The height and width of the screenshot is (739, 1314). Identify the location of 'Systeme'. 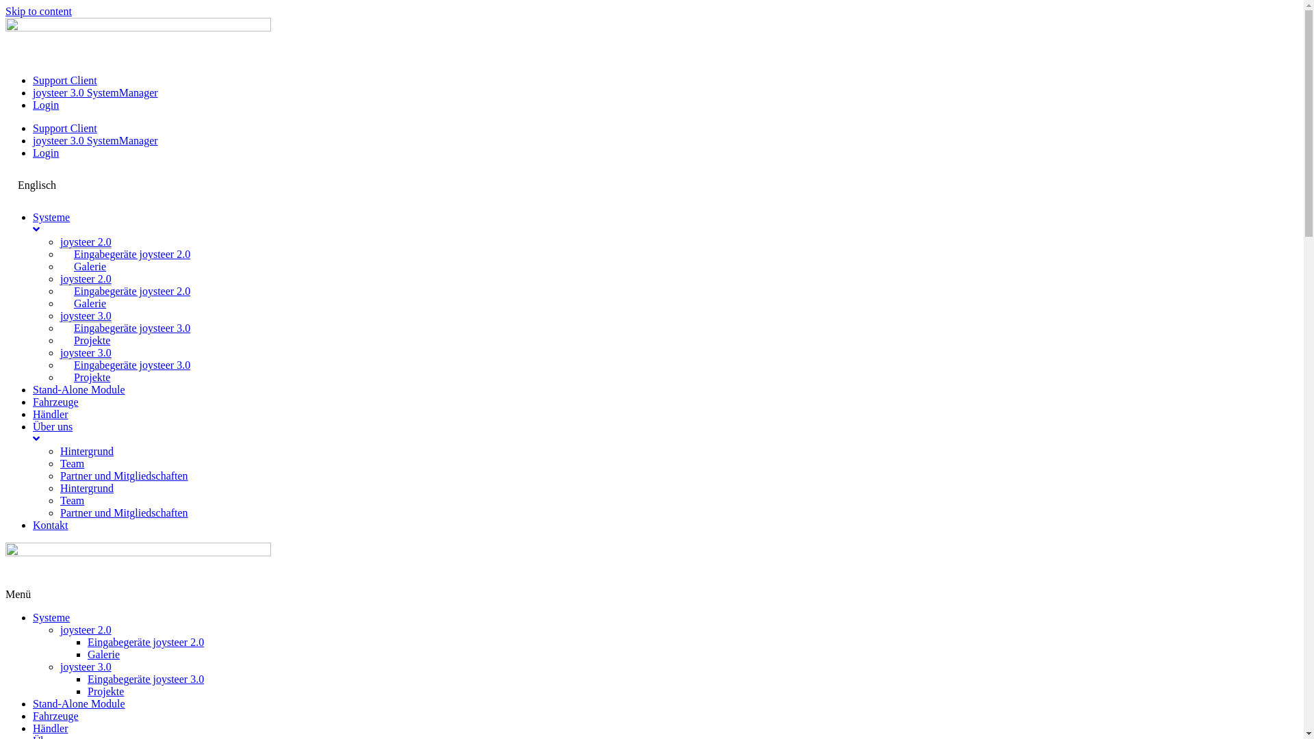
(33, 223).